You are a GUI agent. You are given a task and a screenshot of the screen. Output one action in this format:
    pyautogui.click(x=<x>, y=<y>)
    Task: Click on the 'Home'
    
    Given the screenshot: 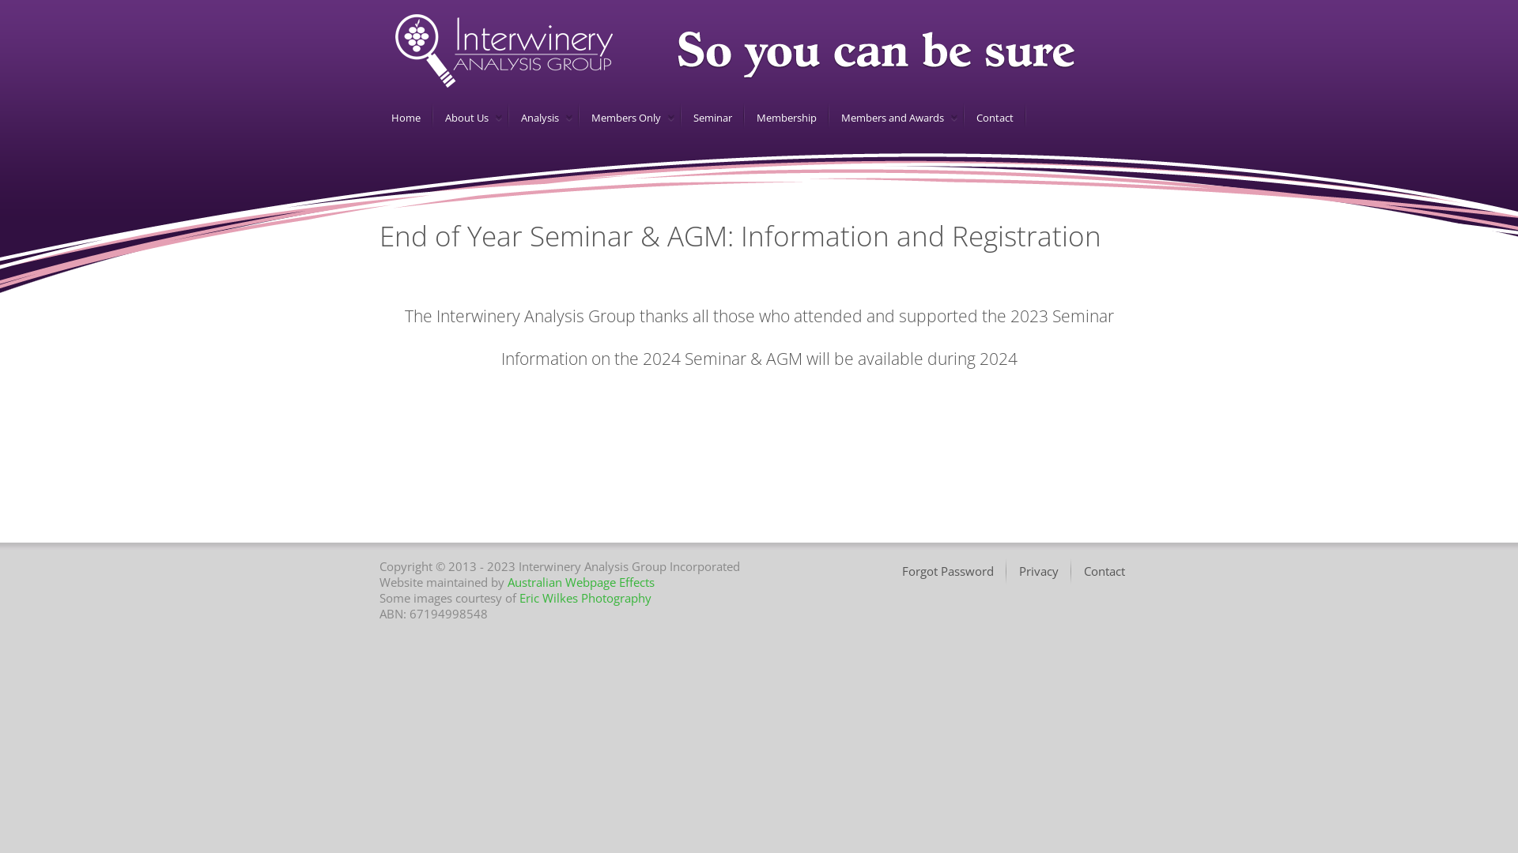 What is the action you would take?
    pyautogui.click(x=379, y=117)
    